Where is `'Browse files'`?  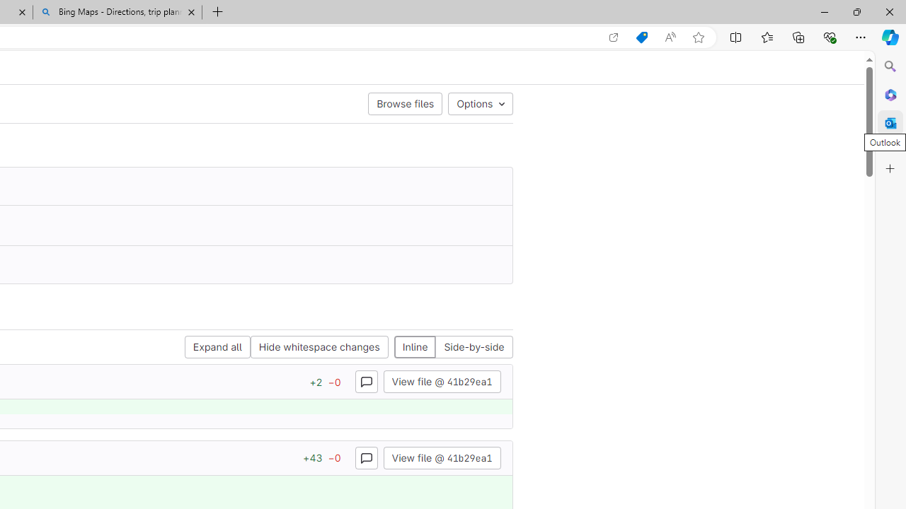
'Browse files' is located at coordinates (404, 103).